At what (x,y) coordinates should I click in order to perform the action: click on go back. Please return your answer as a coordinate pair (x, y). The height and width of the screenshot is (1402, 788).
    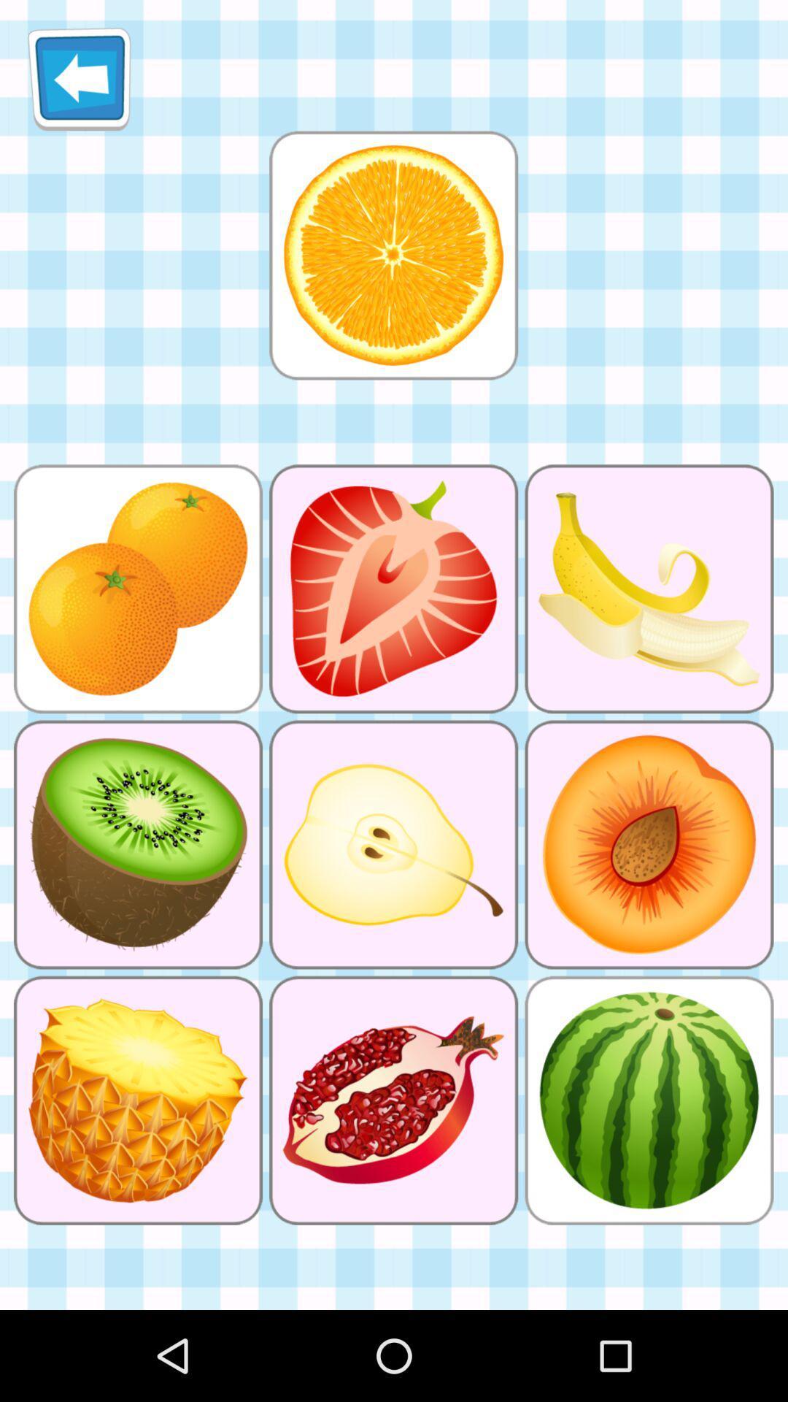
    Looking at the image, I should click on (79, 78).